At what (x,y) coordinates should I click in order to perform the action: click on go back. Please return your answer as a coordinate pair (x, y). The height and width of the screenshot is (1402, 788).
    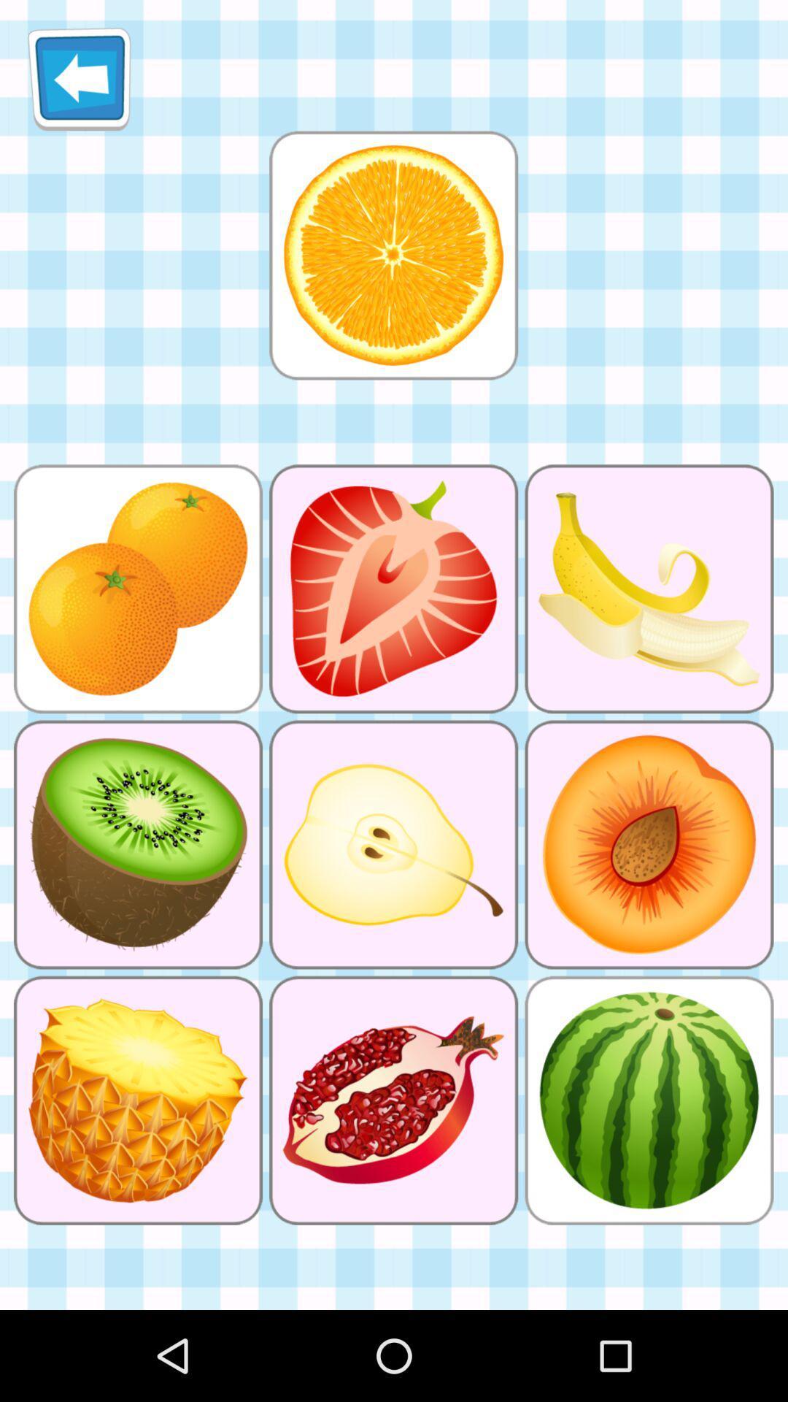
    Looking at the image, I should click on (79, 78).